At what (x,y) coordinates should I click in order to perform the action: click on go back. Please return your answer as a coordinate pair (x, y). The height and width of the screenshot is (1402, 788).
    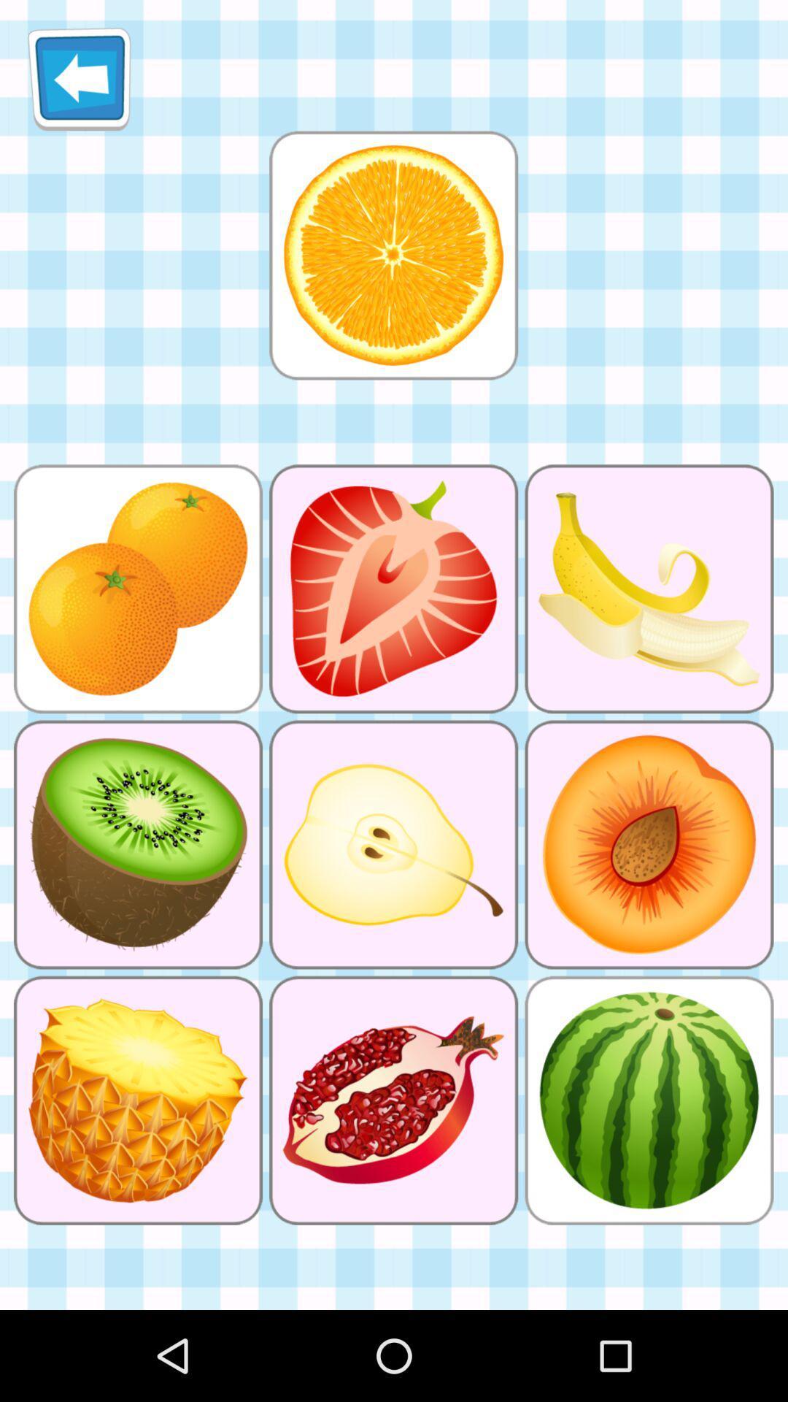
    Looking at the image, I should click on (79, 78).